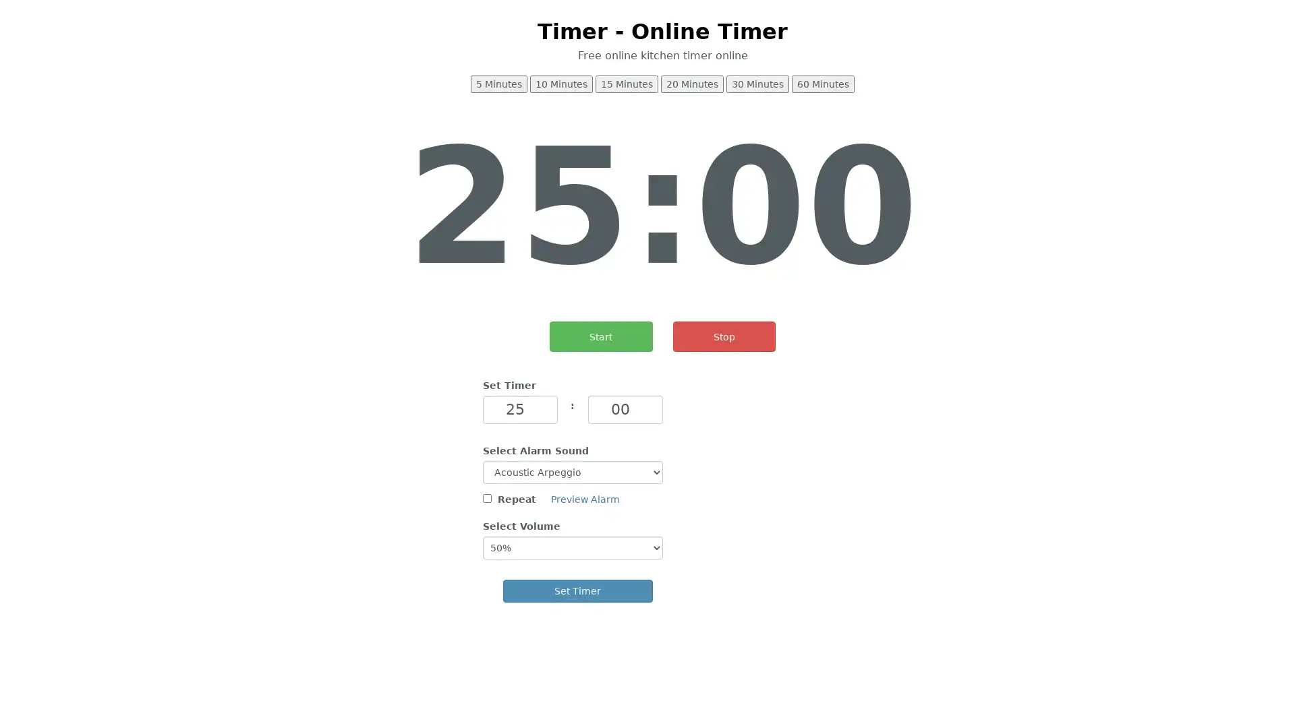 This screenshot has width=1295, height=728. I want to click on 30 Minutes, so click(757, 83).